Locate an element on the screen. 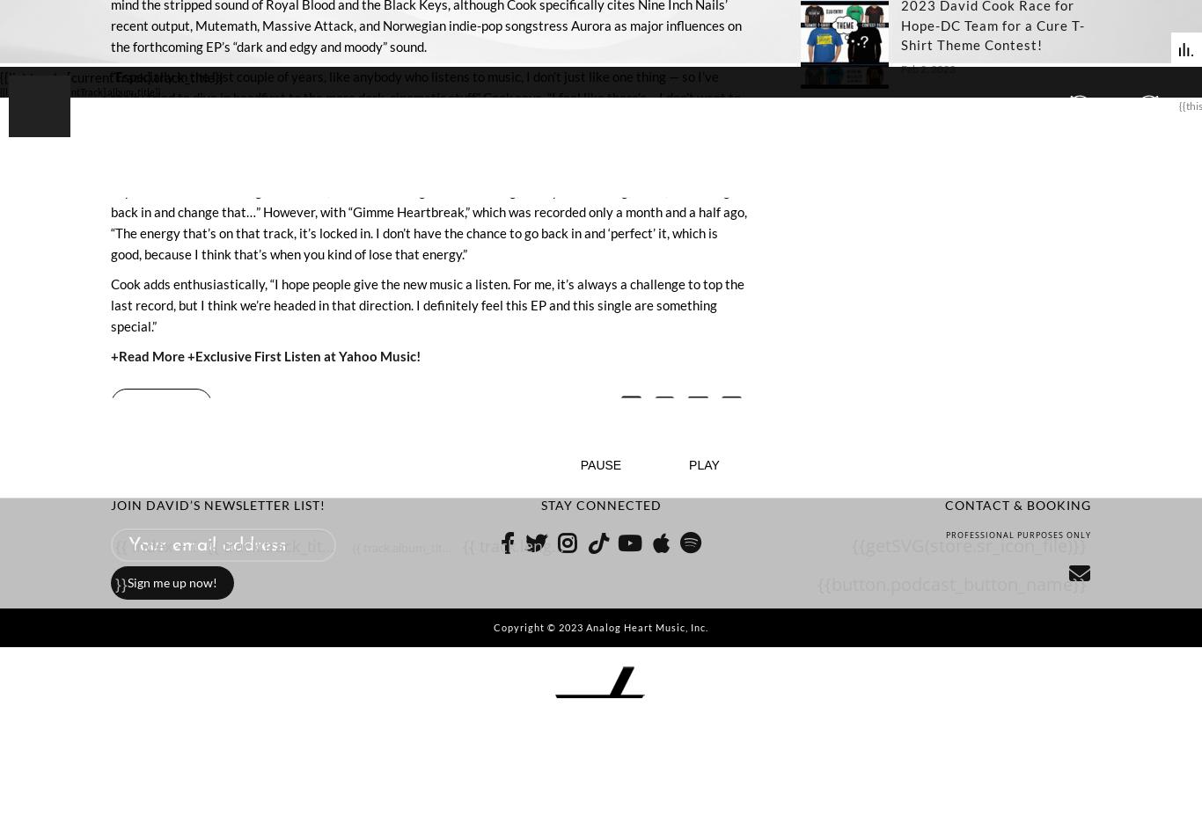 Image resolution: width=1202 pixels, height=816 pixels. 'Cook adds enthusiastically, “I hope people give the new music a listen. For me, it’s always a challenge to top the last record, but I think we’re headed in that direction. I definitely feel this EP and this single are something special.”' is located at coordinates (428, 302).